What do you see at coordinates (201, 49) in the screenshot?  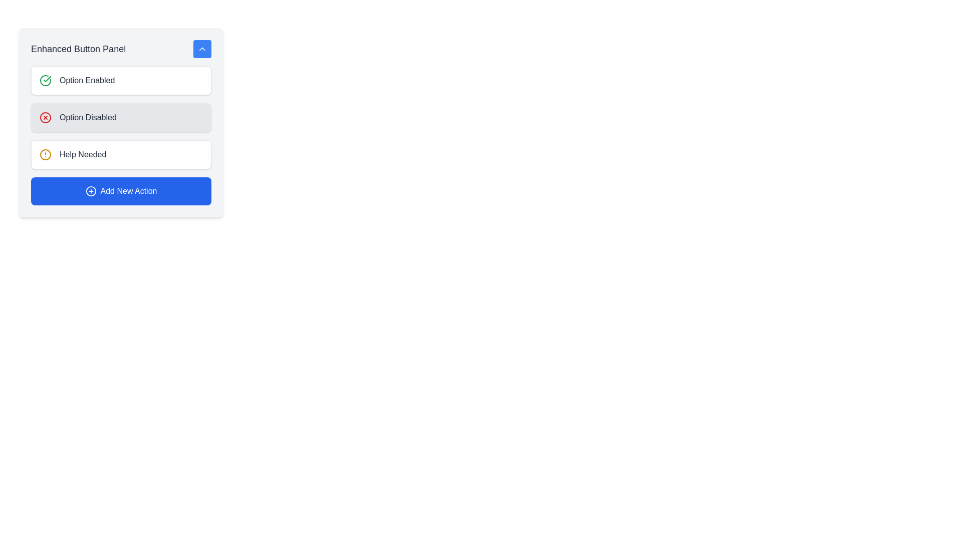 I see `the small, square-shaped button with rounded corners and a blue background featuring a white upward arrow icon at its center, located at the top-right corner of the 'Enhanced Button Panel'` at bounding box center [201, 49].